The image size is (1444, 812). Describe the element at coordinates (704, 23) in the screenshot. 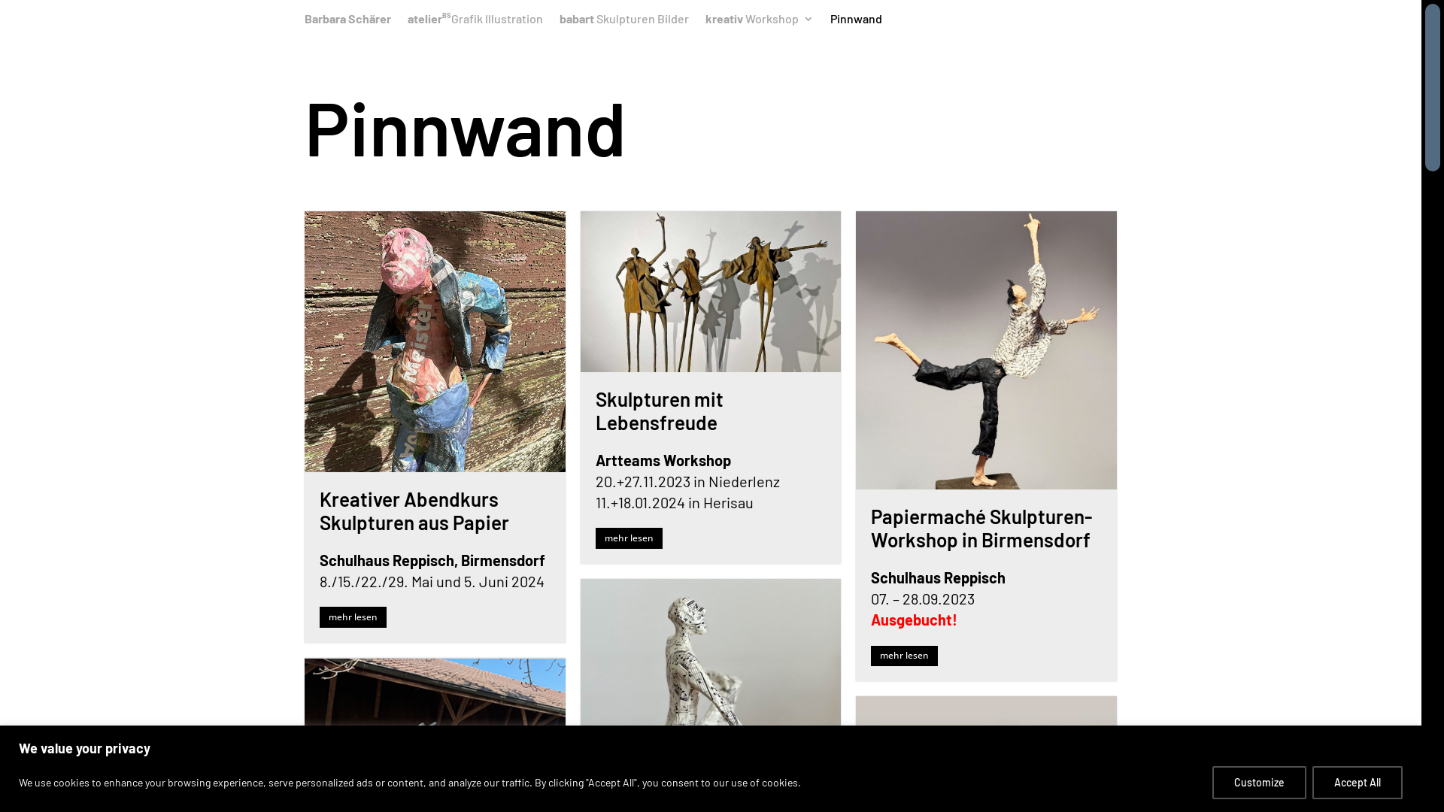

I see `'kreativ Workshop'` at that location.